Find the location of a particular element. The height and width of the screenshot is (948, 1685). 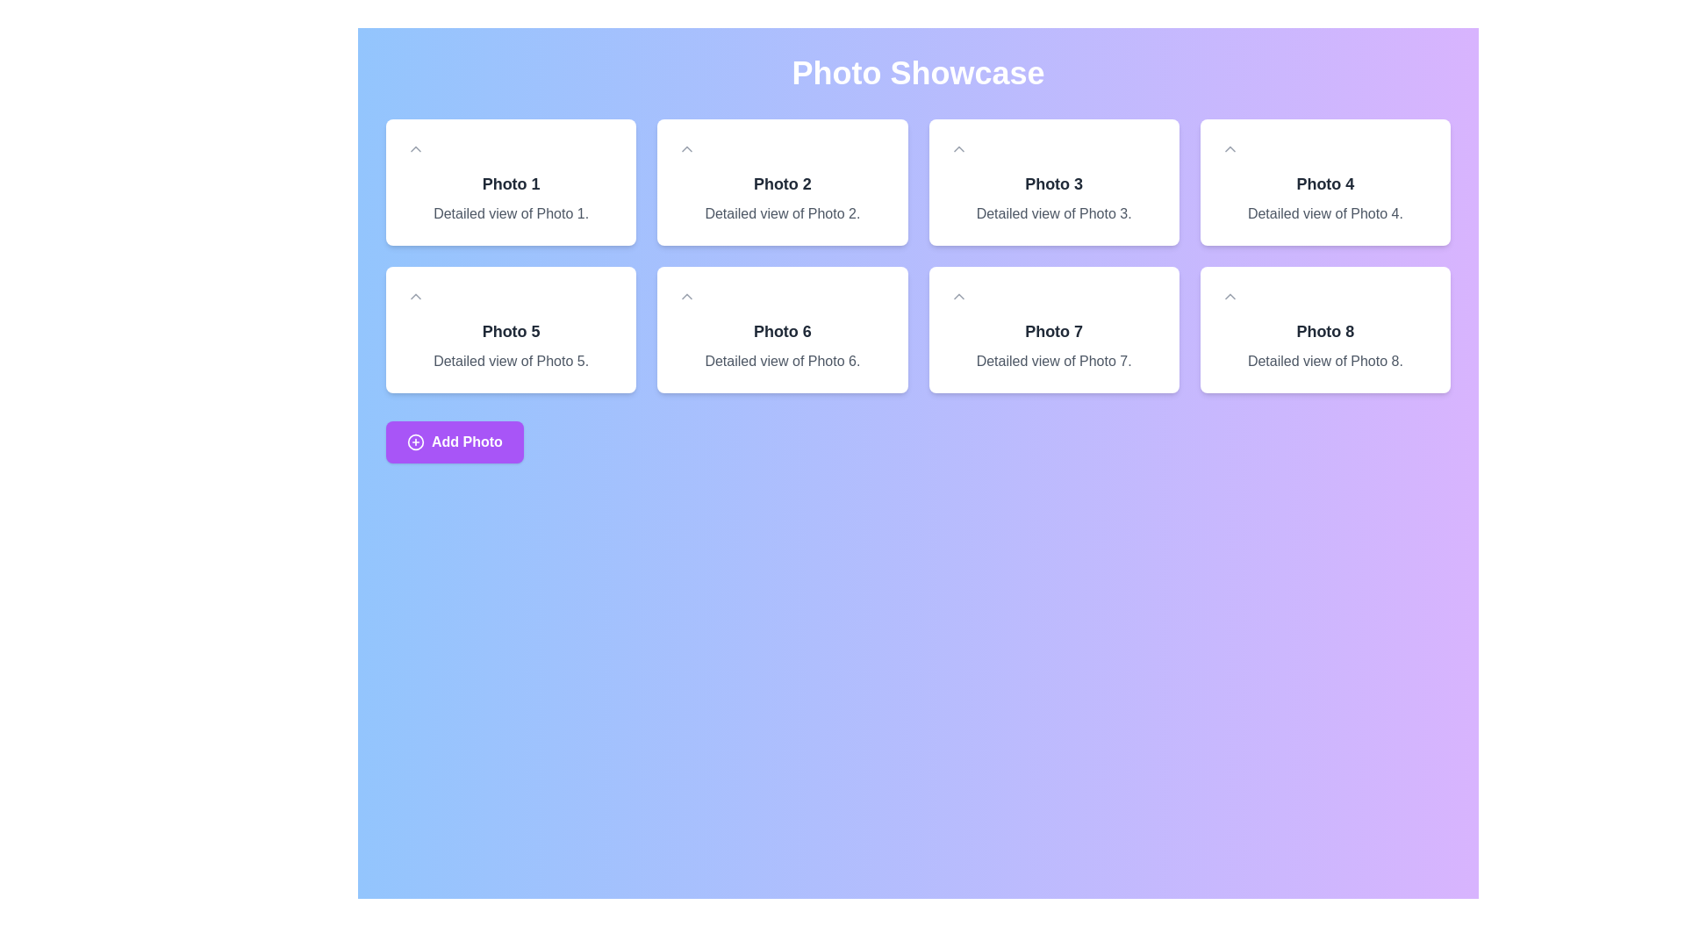

the toggle icon located in the top center region of the 'Photo 5' card is located at coordinates (415, 296).